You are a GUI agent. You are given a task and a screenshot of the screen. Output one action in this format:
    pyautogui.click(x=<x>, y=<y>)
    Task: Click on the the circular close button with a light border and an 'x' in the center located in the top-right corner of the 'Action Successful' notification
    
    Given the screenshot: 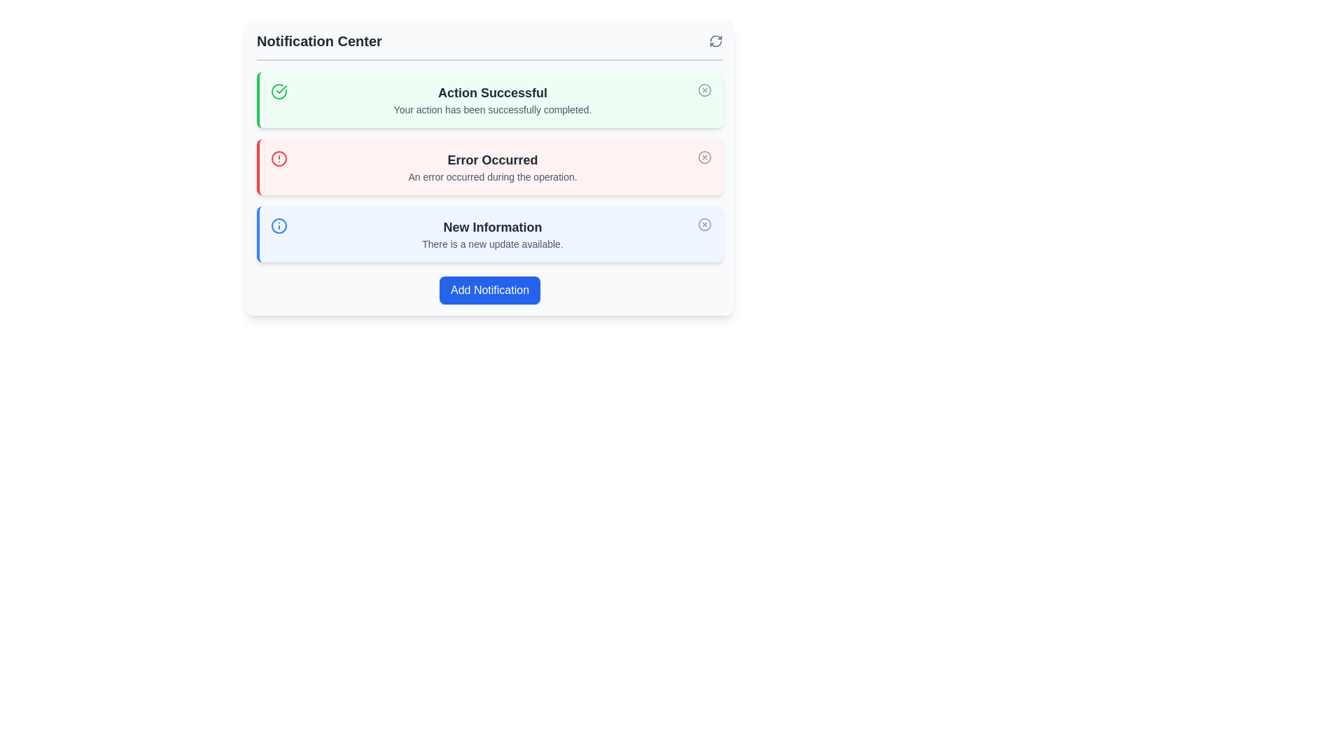 What is the action you would take?
    pyautogui.click(x=705, y=90)
    